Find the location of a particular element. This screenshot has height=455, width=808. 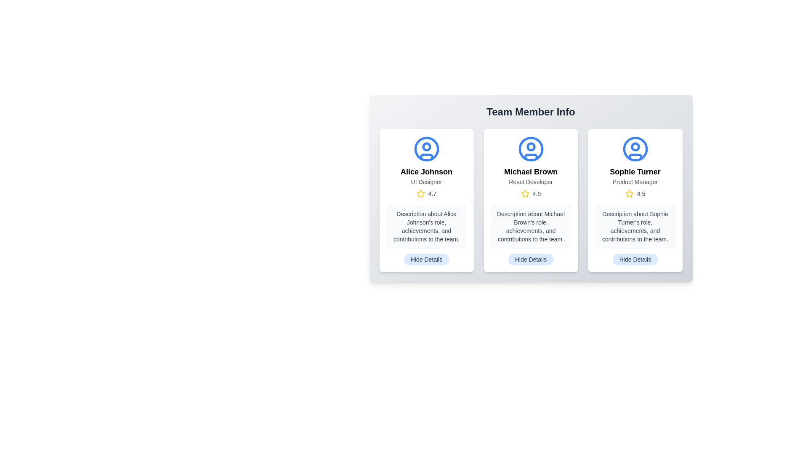

the outermost circular part of the avatar icon for 'Alice Johnson' in the 'Team Member Info' section is located at coordinates (426, 149).